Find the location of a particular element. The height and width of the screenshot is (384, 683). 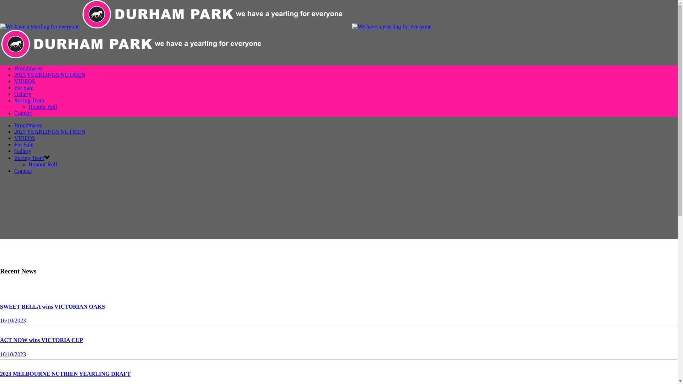

'SWEET BELLA wins VICTORIAN OAKS' is located at coordinates (52, 306).